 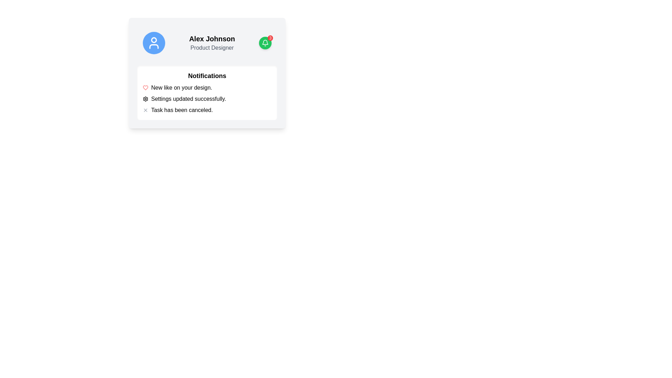 What do you see at coordinates (154, 43) in the screenshot?
I see `the user figure icon outlined in white on a blue circular background` at bounding box center [154, 43].